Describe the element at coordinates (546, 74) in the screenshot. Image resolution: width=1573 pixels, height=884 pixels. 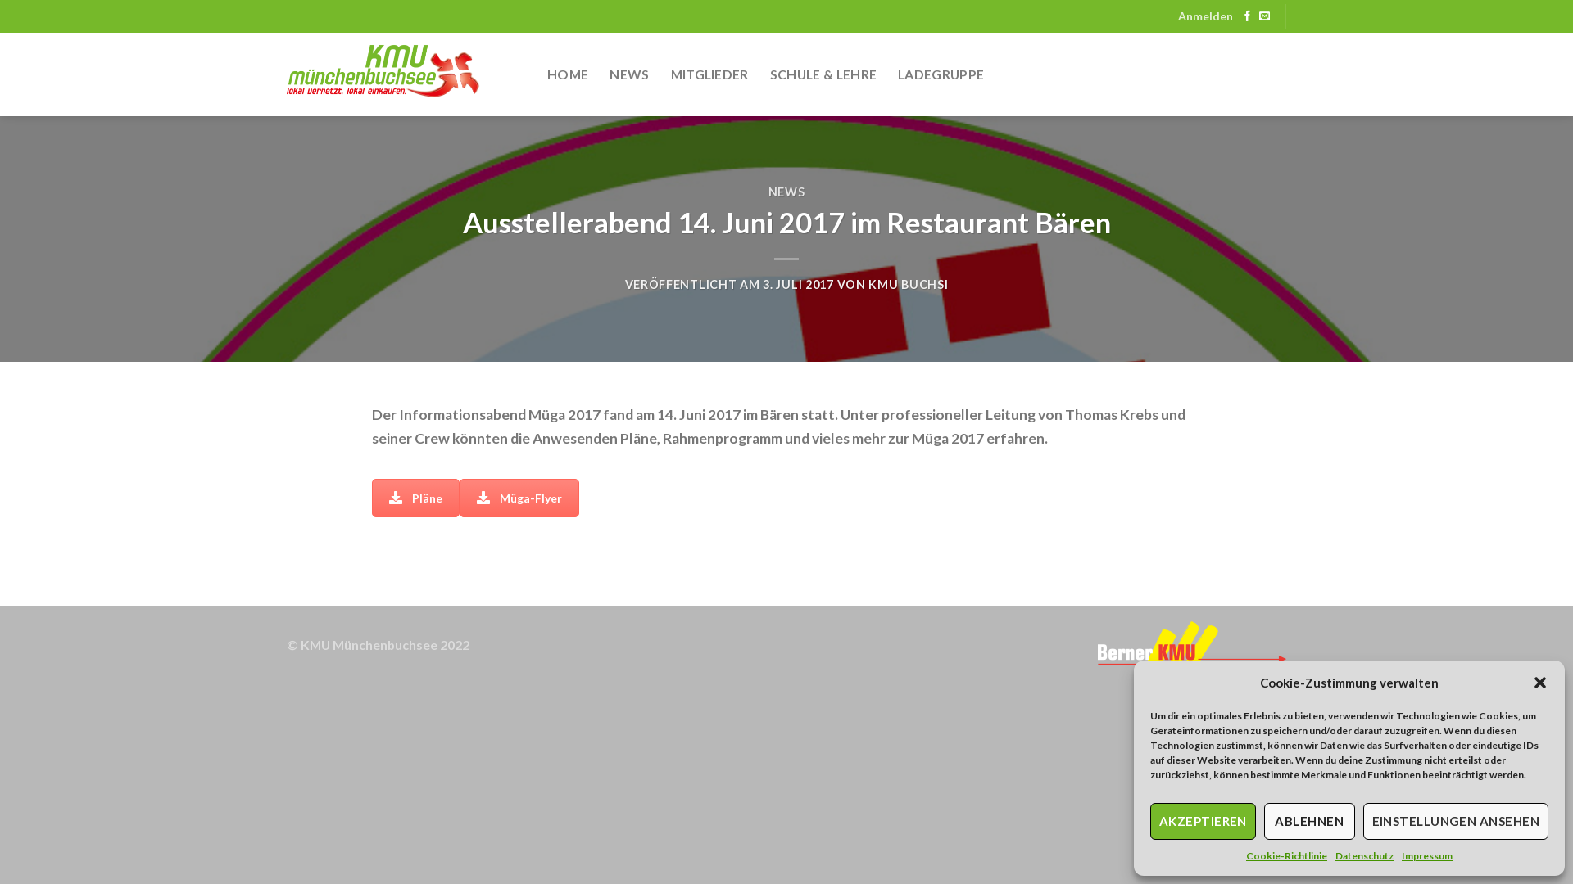
I see `'HOME'` at that location.